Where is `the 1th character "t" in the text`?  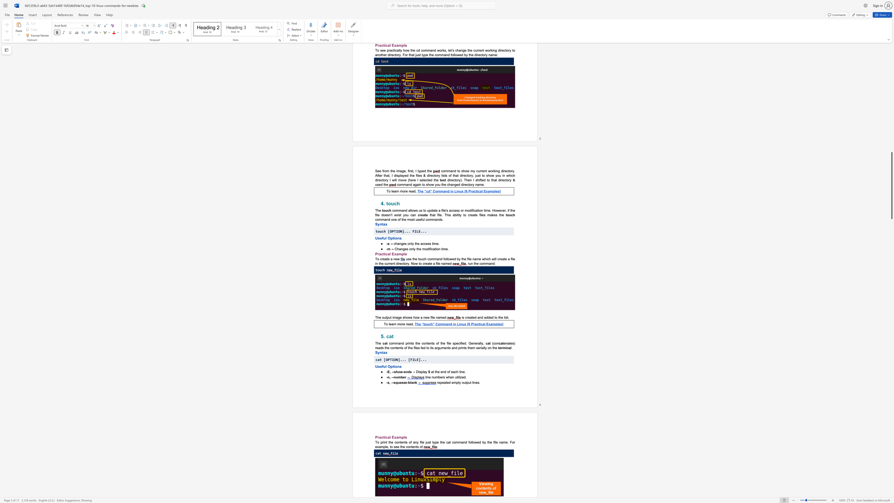 the 1th character "t" in the text is located at coordinates (411, 343).